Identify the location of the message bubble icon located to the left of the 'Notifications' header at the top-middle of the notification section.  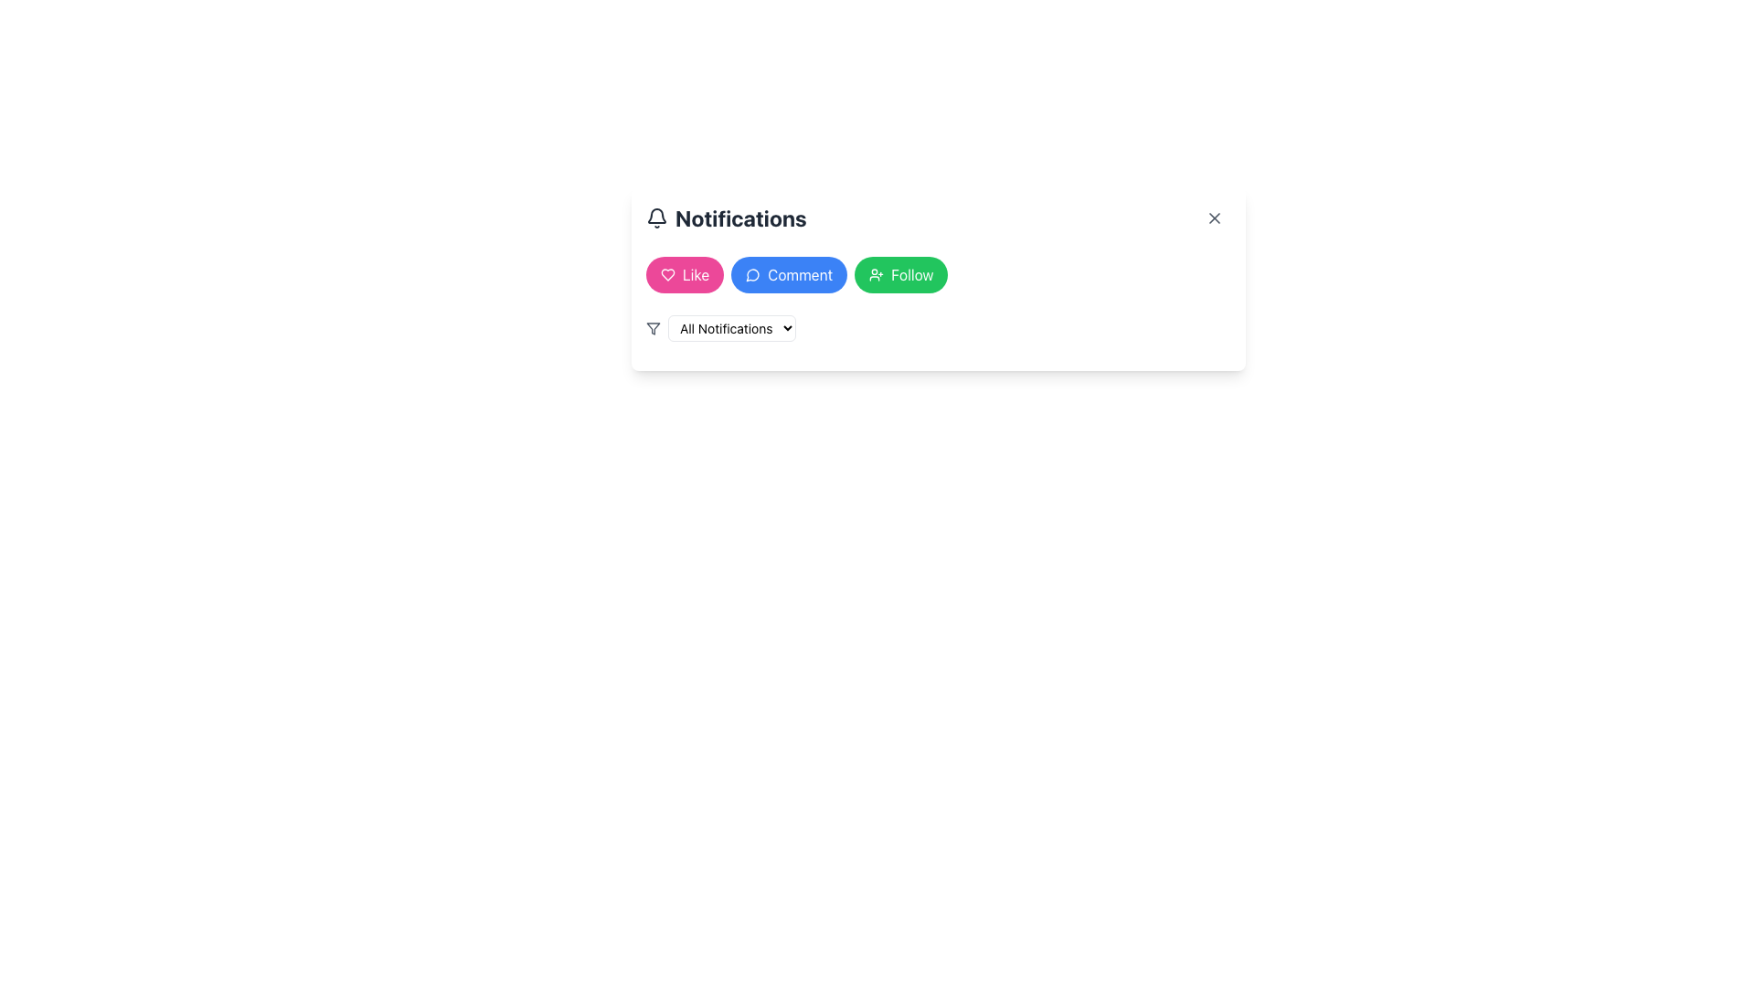
(752, 275).